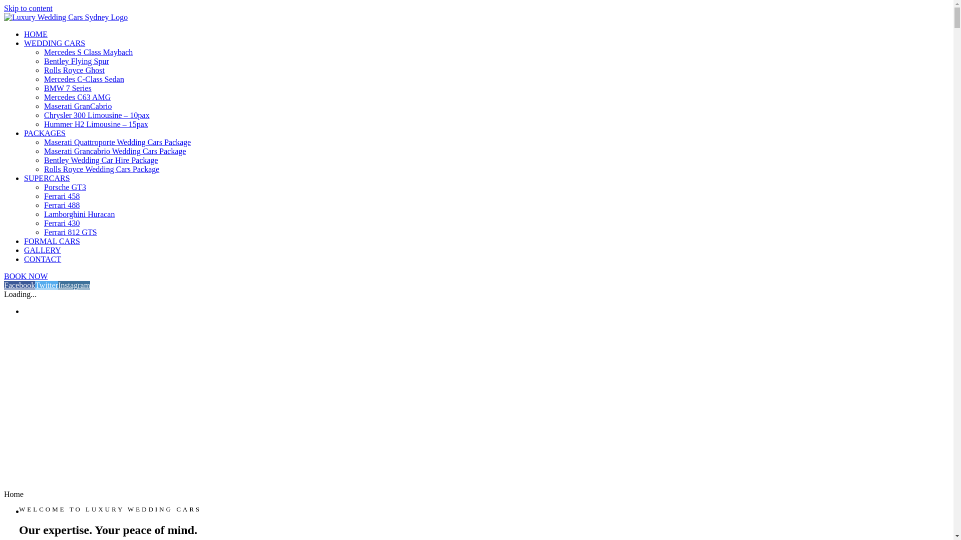 The height and width of the screenshot is (540, 961). What do you see at coordinates (44, 132) in the screenshot?
I see `'PACKAGES'` at bounding box center [44, 132].